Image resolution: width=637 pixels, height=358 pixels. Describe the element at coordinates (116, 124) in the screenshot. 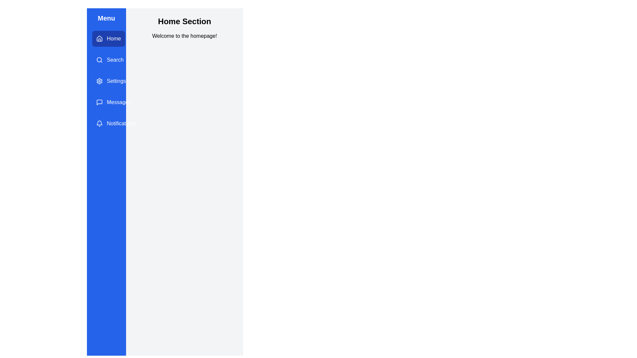

I see `the 'Notifications' button in the vertical navigation menu, which has a blue background and a bell icon on the left` at that location.